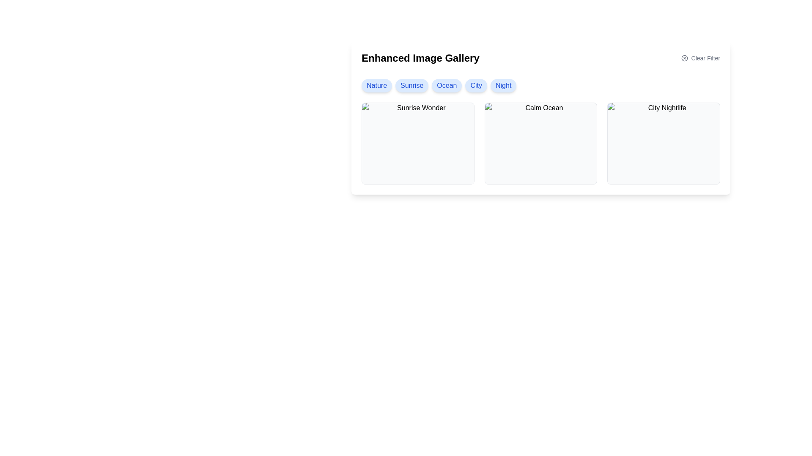 This screenshot has width=812, height=456. Describe the element at coordinates (700, 58) in the screenshot. I see `the button located in the top-right corner adjacent to the header 'Enhanced Image Gallery' to clear filters and reset the displayed content to its original state` at that location.